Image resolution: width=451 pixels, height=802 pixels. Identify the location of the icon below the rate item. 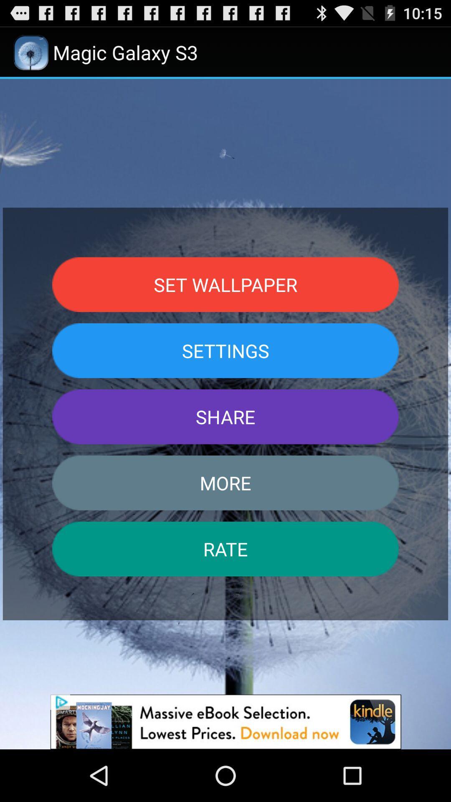
(225, 721).